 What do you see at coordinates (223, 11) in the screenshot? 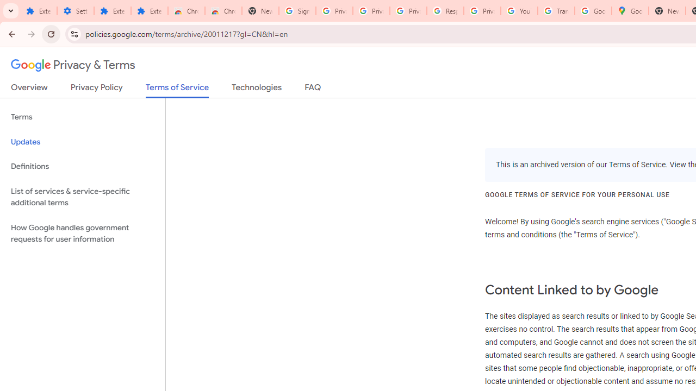
I see `'Chrome Web Store - Themes'` at bounding box center [223, 11].